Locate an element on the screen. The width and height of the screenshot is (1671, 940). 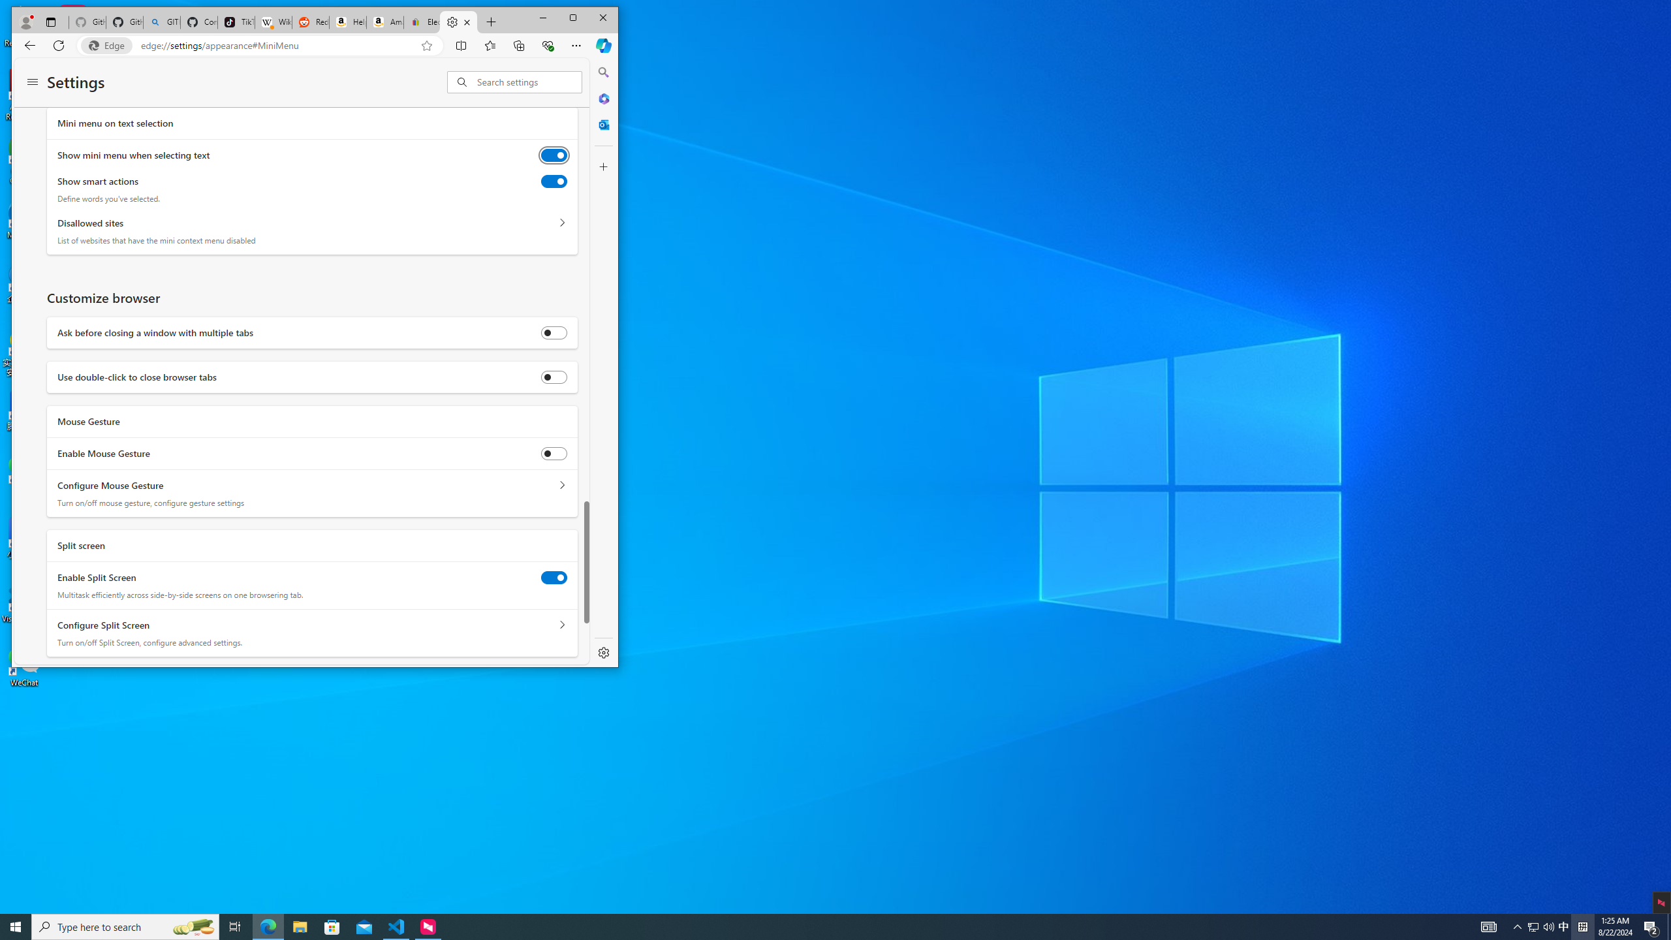
'Tray Input Indicator - Chinese (Simplified, China)' is located at coordinates (1582, 926).